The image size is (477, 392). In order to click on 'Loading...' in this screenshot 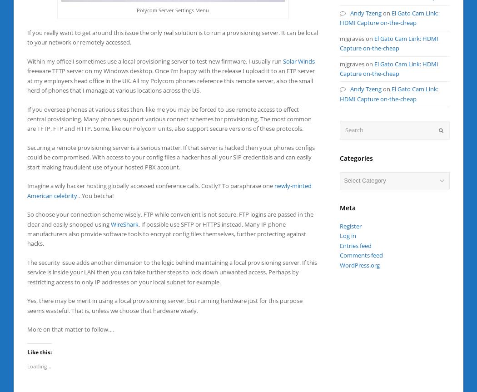, I will do `click(39, 365)`.